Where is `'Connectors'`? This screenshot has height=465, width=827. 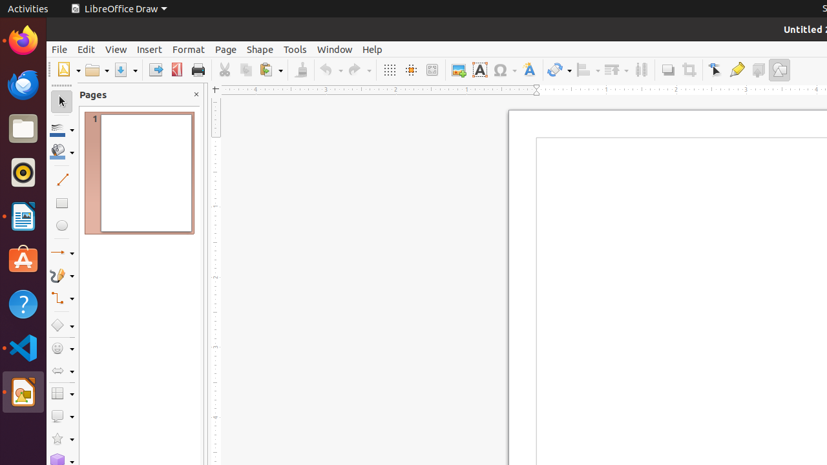 'Connectors' is located at coordinates (61, 298).